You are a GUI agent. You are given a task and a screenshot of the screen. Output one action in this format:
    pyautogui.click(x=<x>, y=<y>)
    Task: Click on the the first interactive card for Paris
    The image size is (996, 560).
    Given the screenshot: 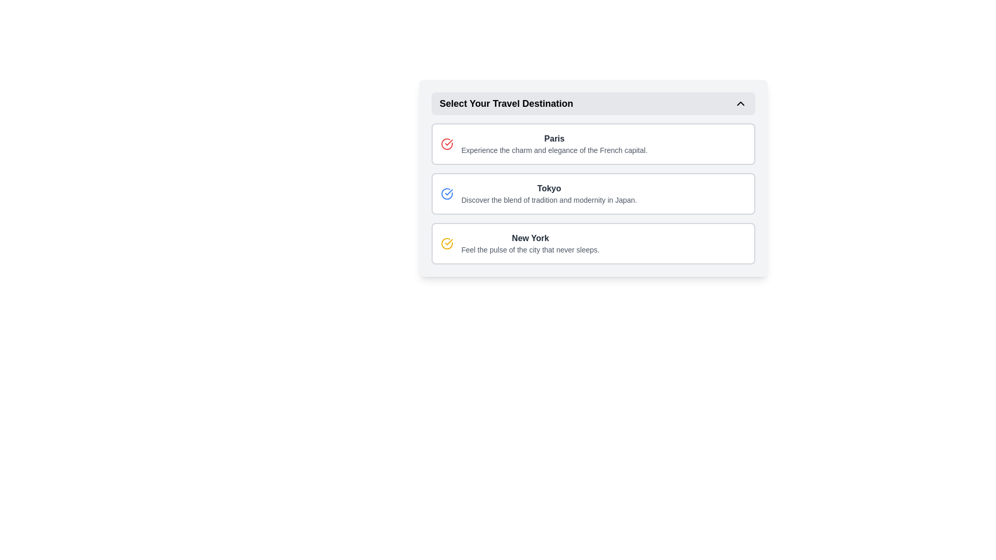 What is the action you would take?
    pyautogui.click(x=593, y=144)
    